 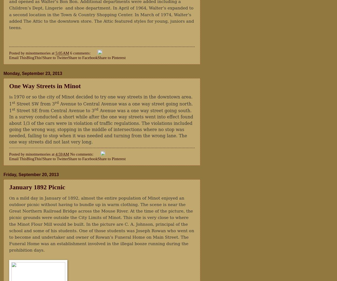 What do you see at coordinates (55, 154) in the screenshot?
I see `'4:59 AM'` at bounding box center [55, 154].